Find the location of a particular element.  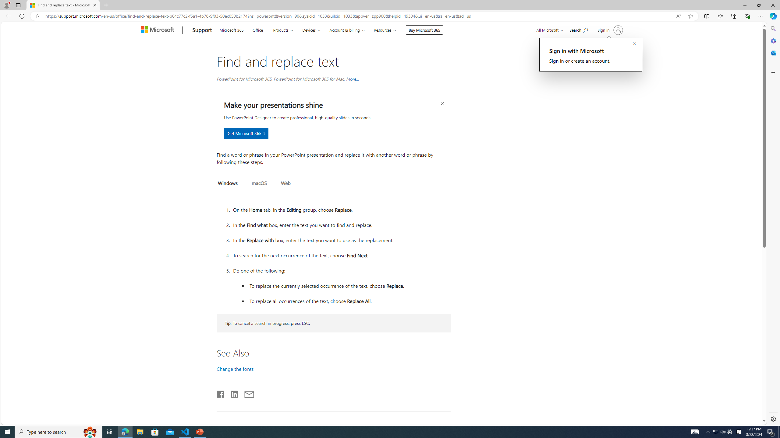

'Share on Facebook' is located at coordinates (221, 393).